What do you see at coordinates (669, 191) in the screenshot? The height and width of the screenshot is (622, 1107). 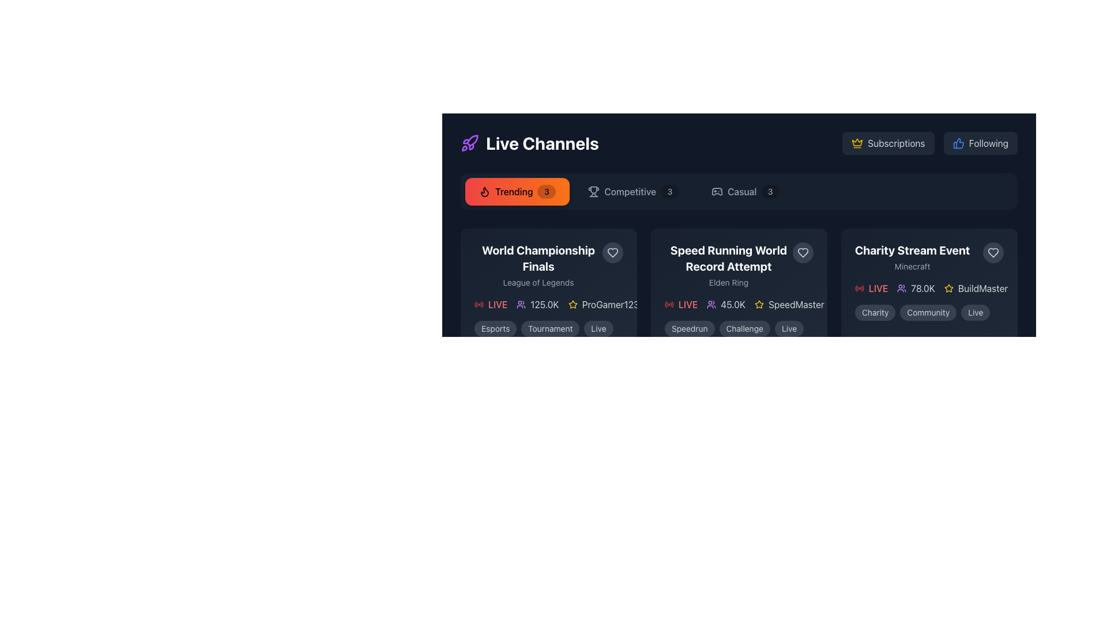 I see `the small circular Badge with a black semi-transparent background and the number '3' in white, located to the right of 'Competitive' in the navigation bar` at bounding box center [669, 191].